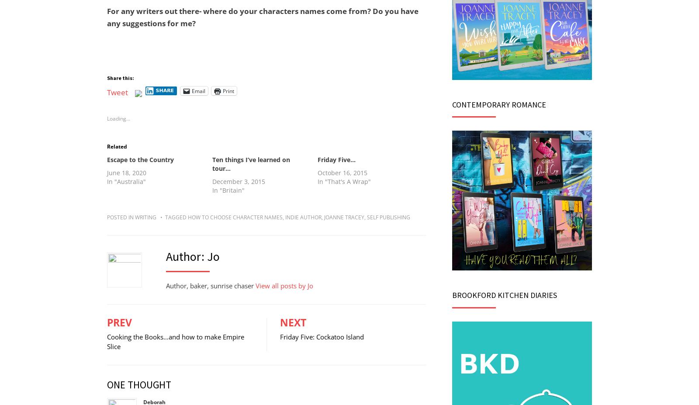  I want to click on 'self publishing', so click(388, 217).